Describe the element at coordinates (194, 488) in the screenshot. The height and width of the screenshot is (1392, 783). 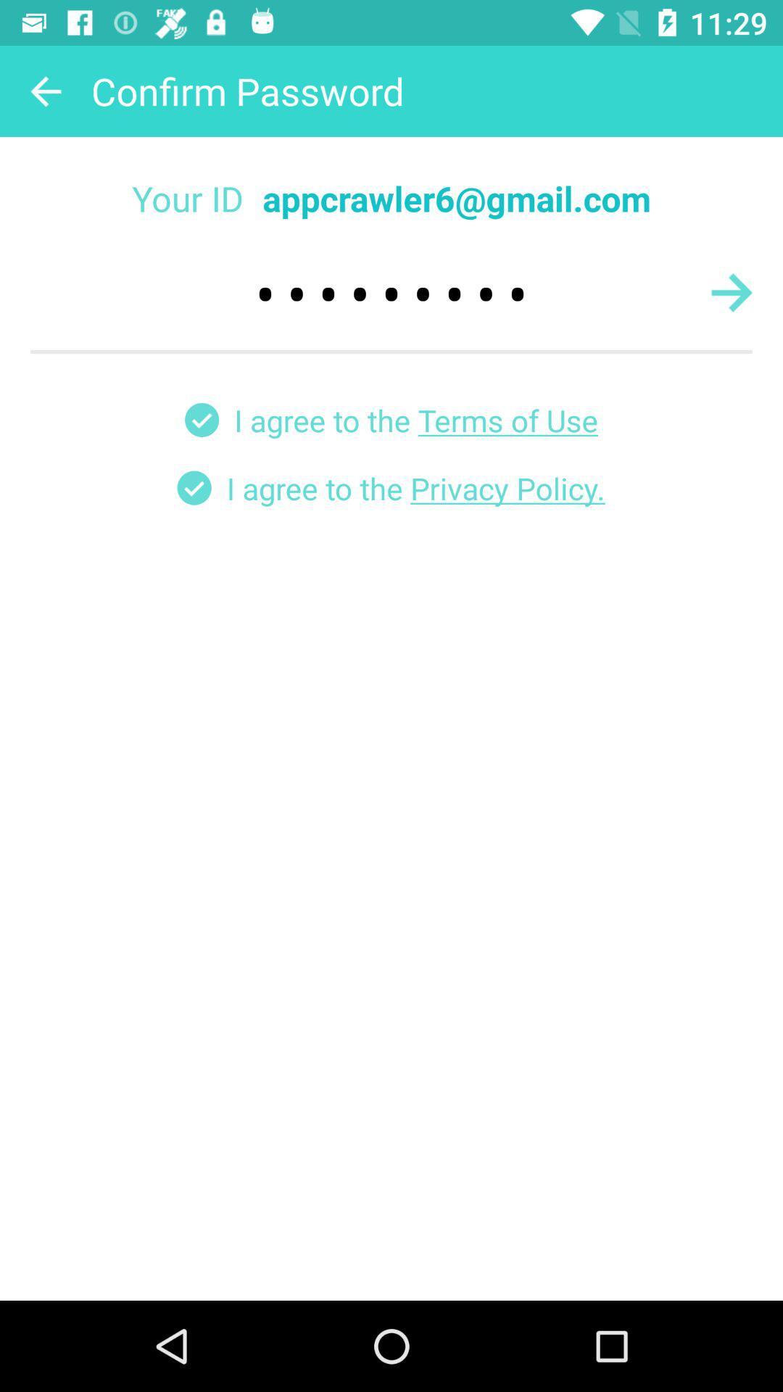
I see `the check icon` at that location.